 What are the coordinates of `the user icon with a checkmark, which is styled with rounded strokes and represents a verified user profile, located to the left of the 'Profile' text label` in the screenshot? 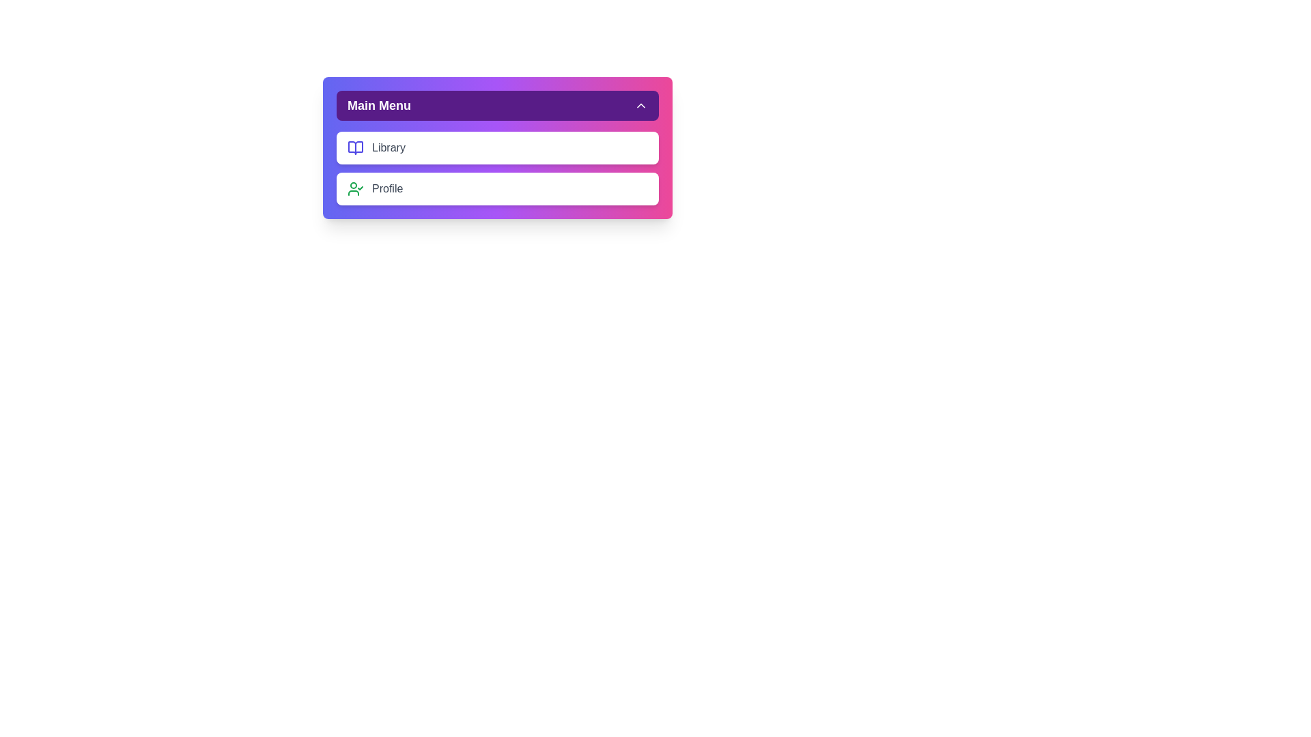 It's located at (356, 189).